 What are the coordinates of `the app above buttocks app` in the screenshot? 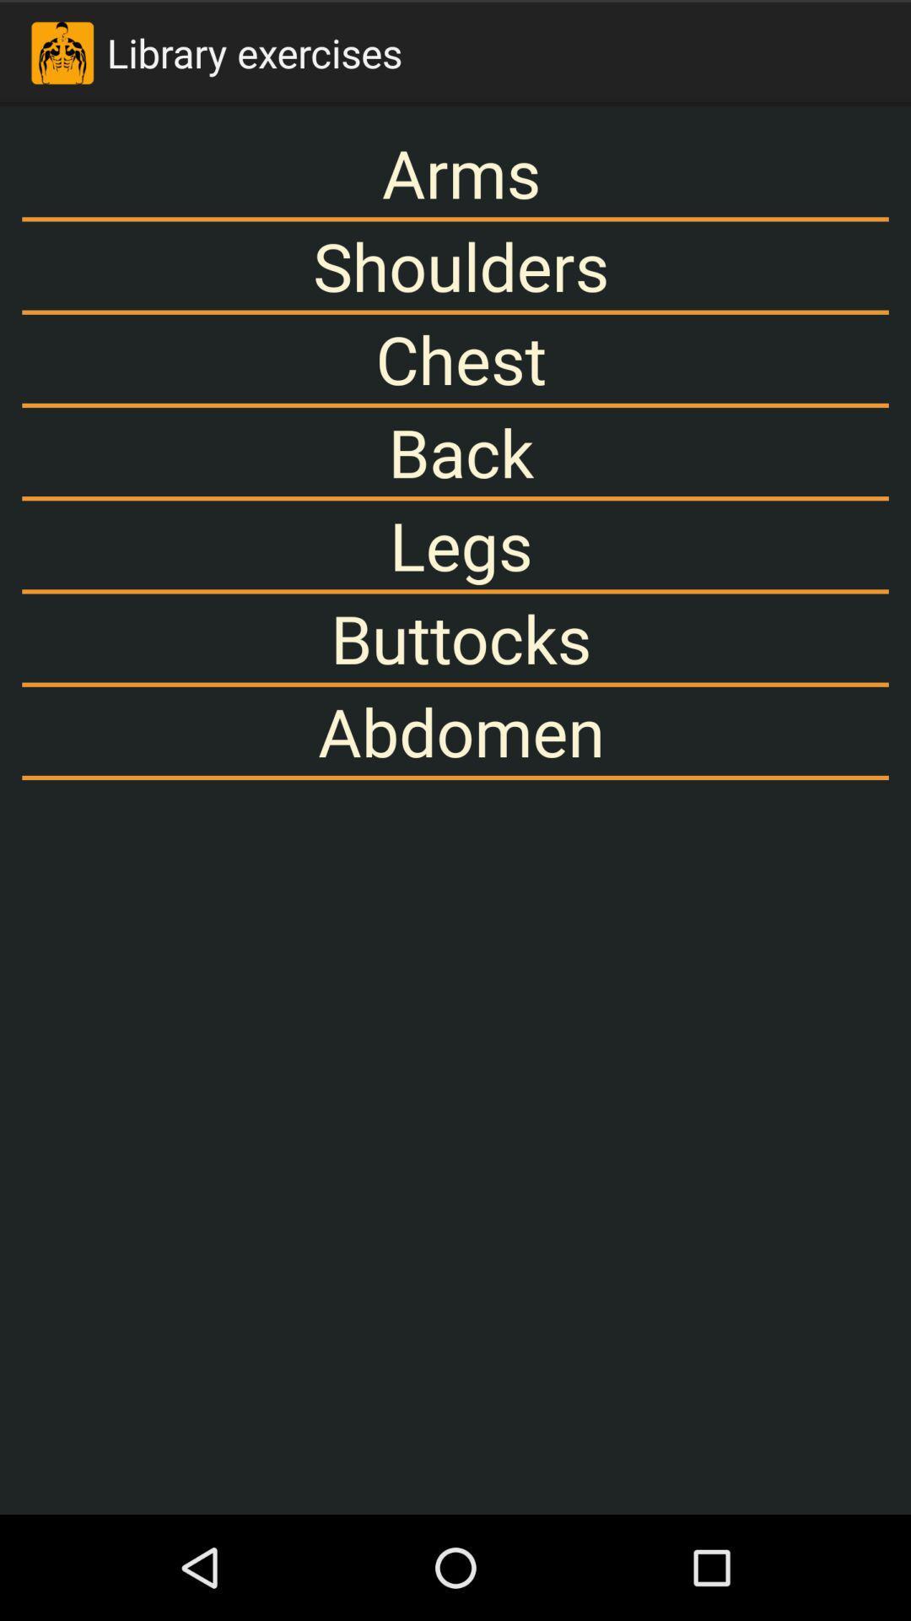 It's located at (455, 545).